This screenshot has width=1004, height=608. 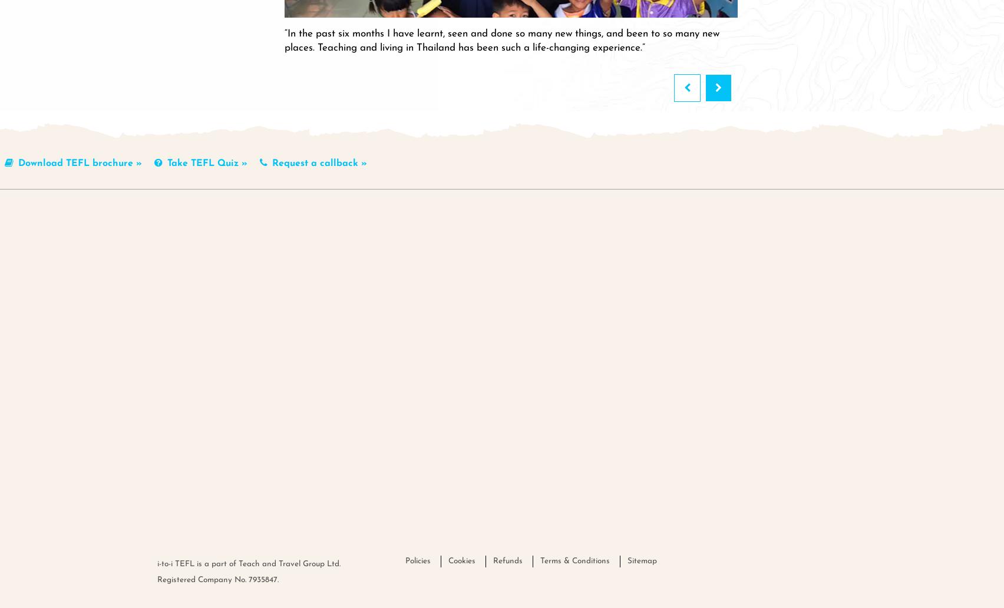 I want to click on 'Sitemap', so click(x=642, y=560).